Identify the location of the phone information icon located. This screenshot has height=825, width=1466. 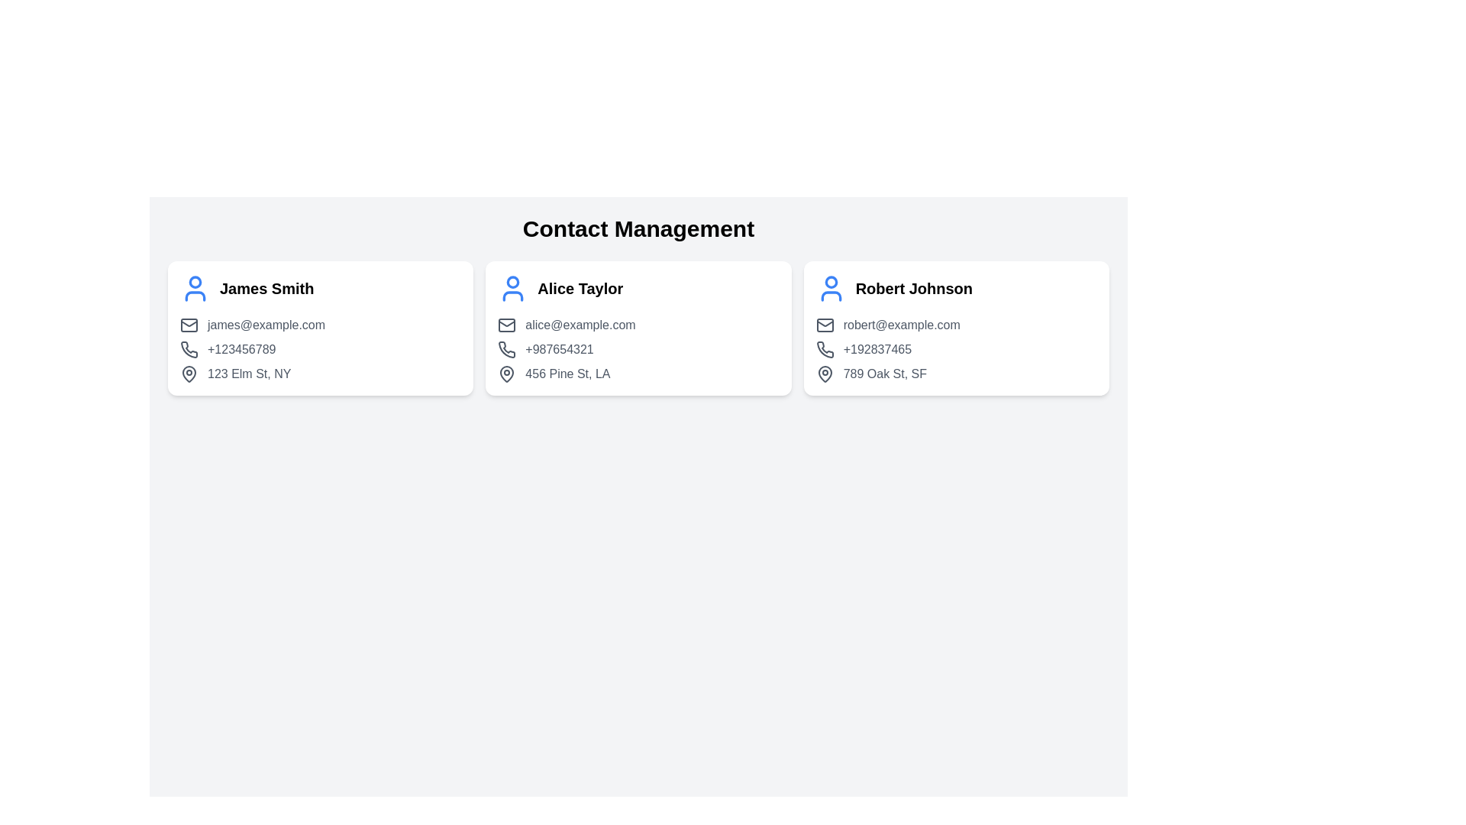
(189, 350).